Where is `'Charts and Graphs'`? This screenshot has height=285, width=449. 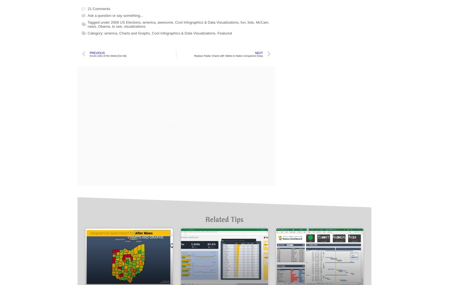 'Charts and Graphs' is located at coordinates (119, 219).